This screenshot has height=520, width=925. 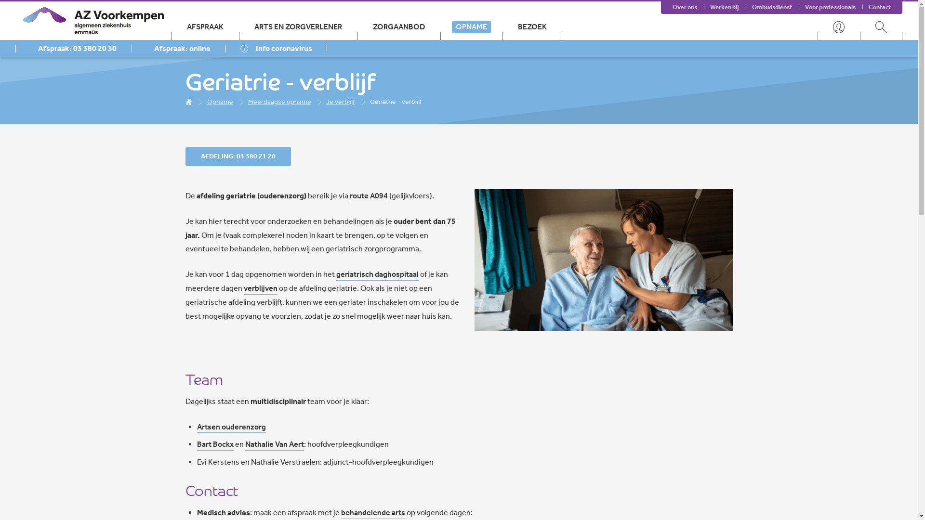 What do you see at coordinates (238, 156) in the screenshot?
I see `'AFDELING: 03 380 21 20'` at bounding box center [238, 156].